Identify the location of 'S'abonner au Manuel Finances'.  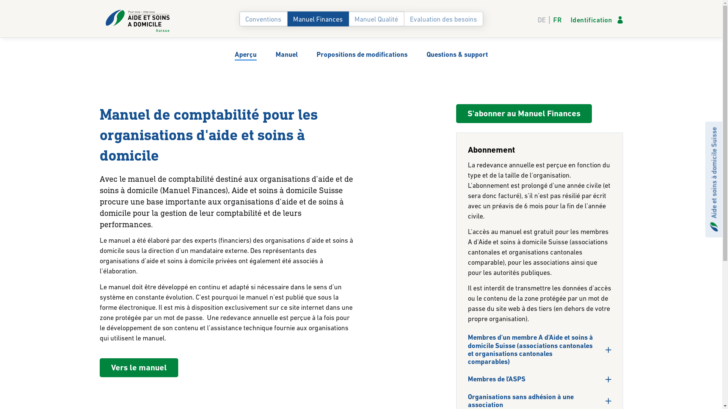
(523, 114).